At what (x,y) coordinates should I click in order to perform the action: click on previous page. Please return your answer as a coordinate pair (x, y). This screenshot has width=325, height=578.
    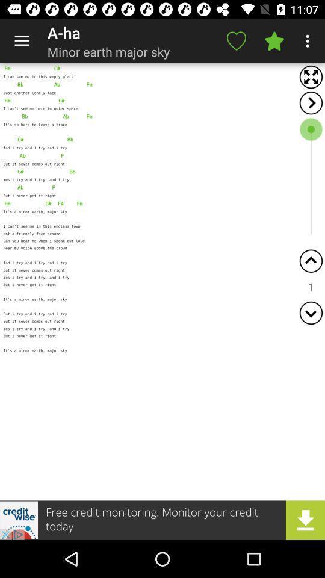
    Looking at the image, I should click on (311, 261).